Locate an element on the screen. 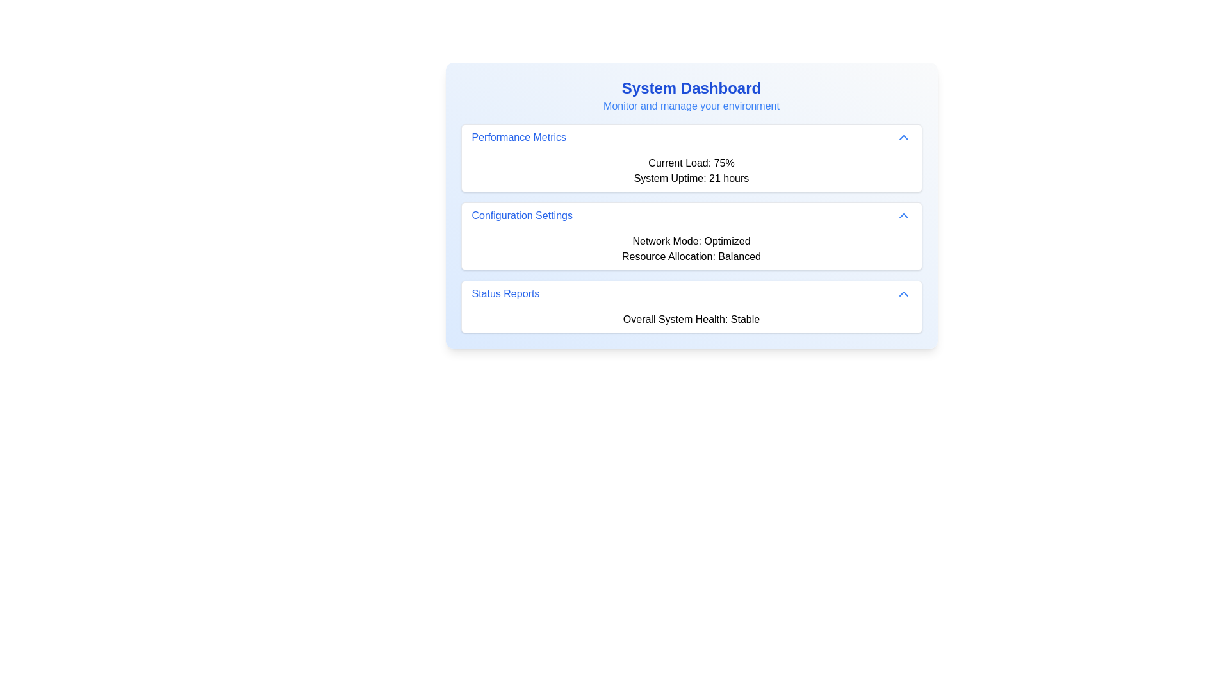 Image resolution: width=1230 pixels, height=692 pixels. the static text display showing 'System Uptime: 21 hours', which is located below 'Current Load: 75%' in the 'Performance Metrics' section is located at coordinates (691, 178).